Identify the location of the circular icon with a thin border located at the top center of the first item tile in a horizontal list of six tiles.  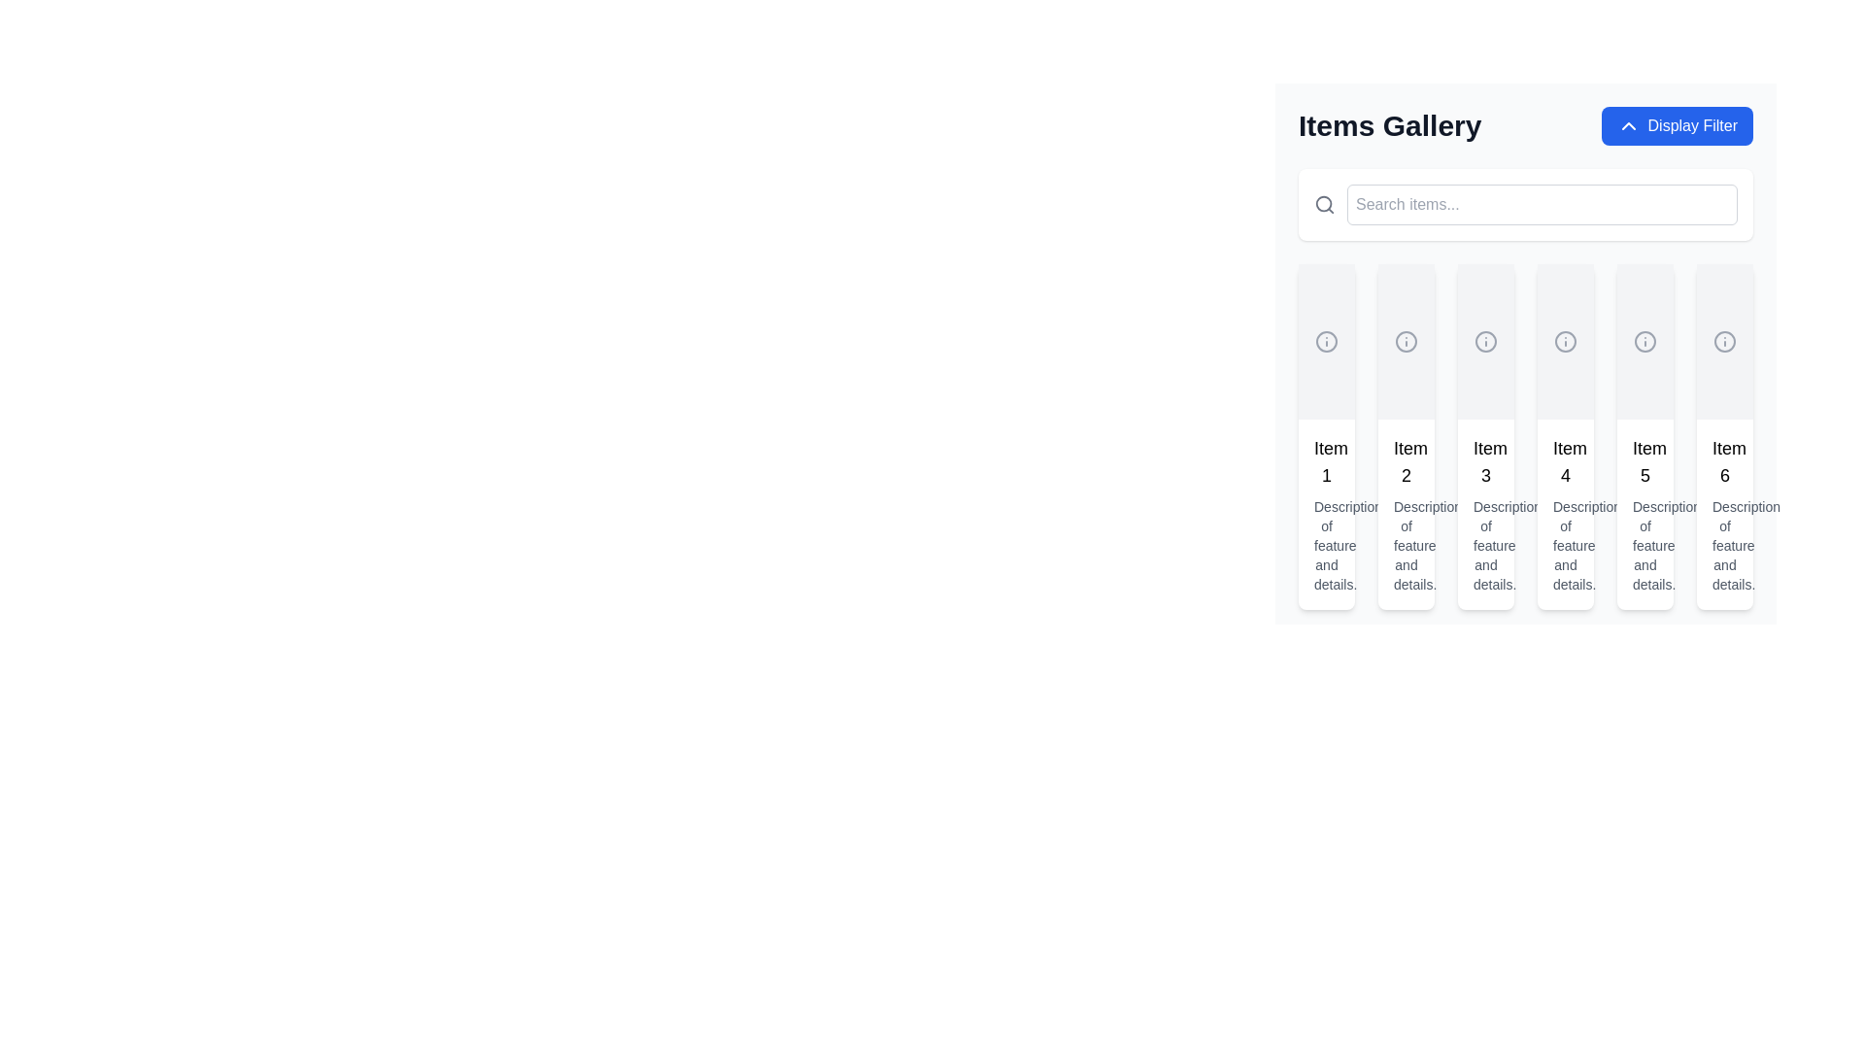
(1326, 340).